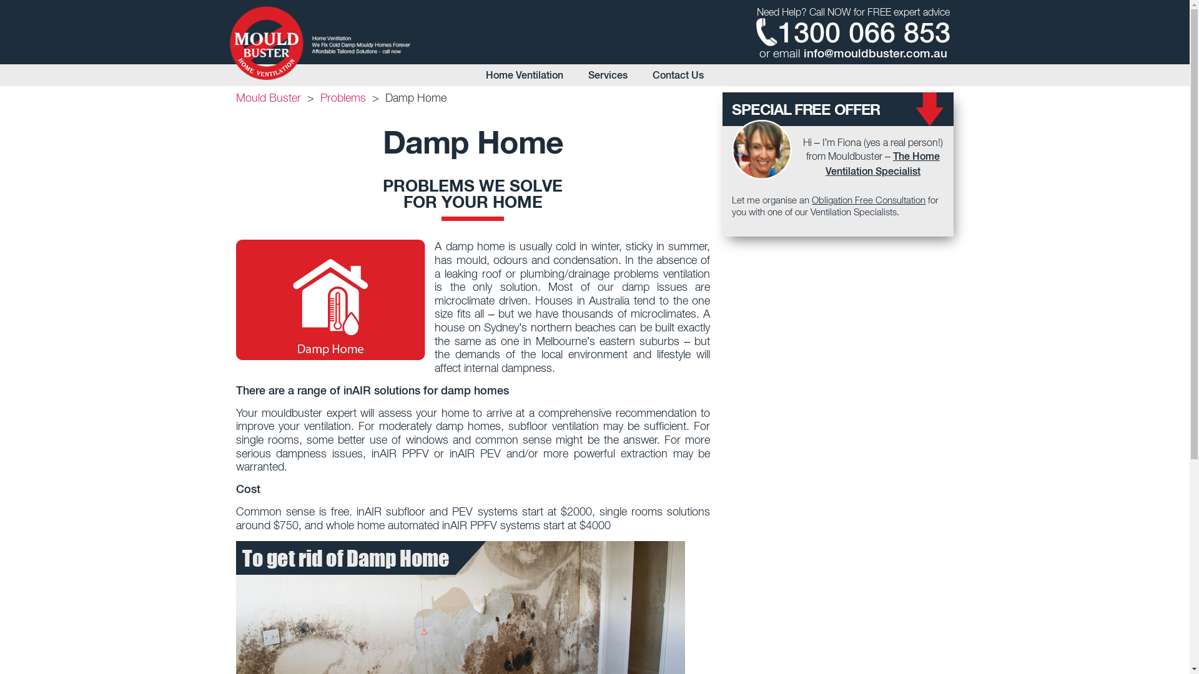 The image size is (1199, 674). I want to click on 'Services', so click(608, 75).